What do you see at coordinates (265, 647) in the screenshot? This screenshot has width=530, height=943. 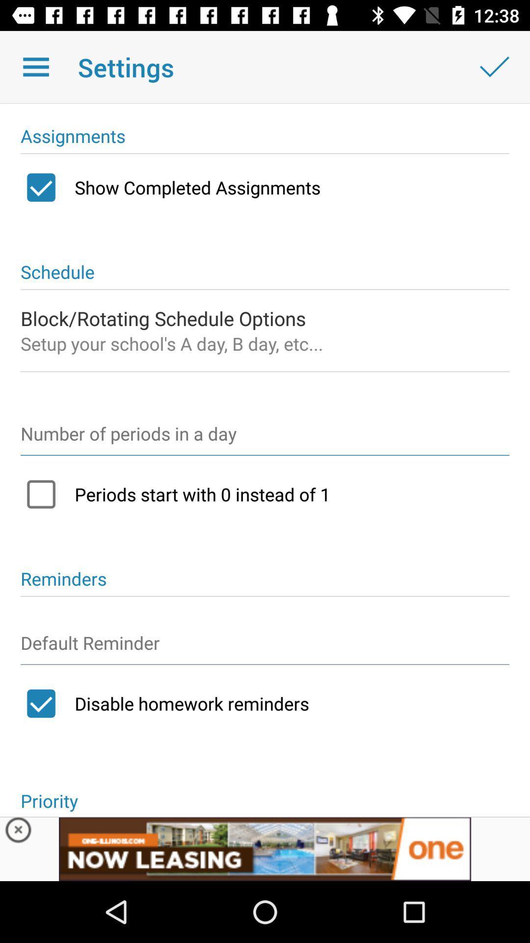 I see `button setting icon` at bounding box center [265, 647].